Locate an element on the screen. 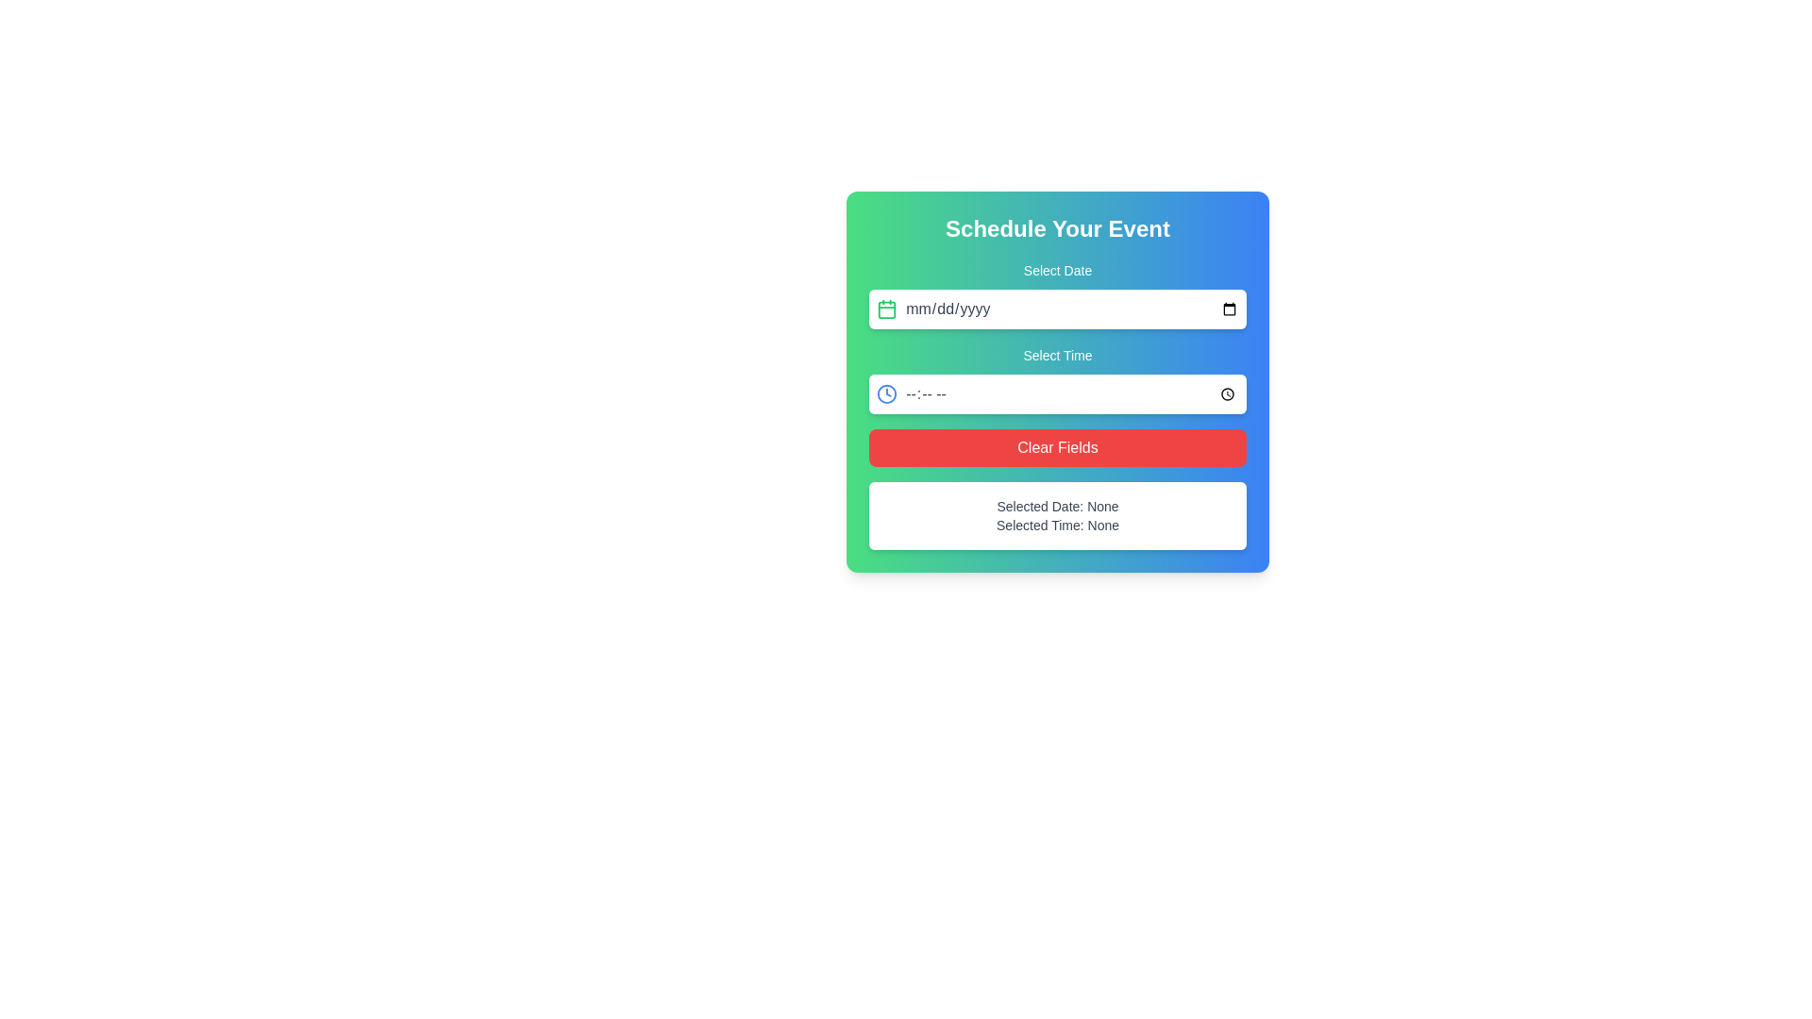  the date input field labeled 'Select Date' to enable keyboard input is located at coordinates (1058, 294).